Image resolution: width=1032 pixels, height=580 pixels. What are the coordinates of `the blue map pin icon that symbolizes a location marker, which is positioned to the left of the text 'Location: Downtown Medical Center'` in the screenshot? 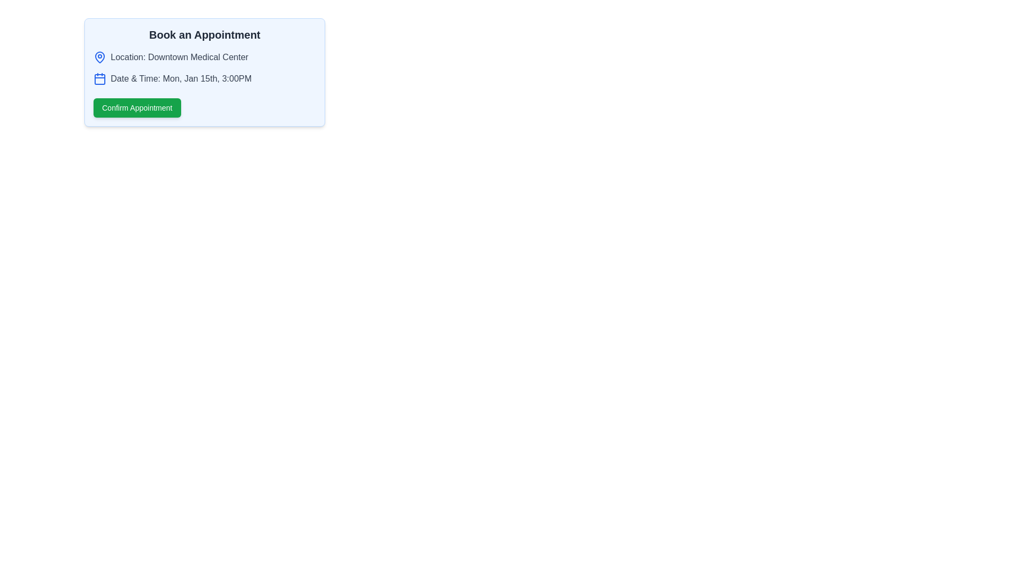 It's located at (100, 57).